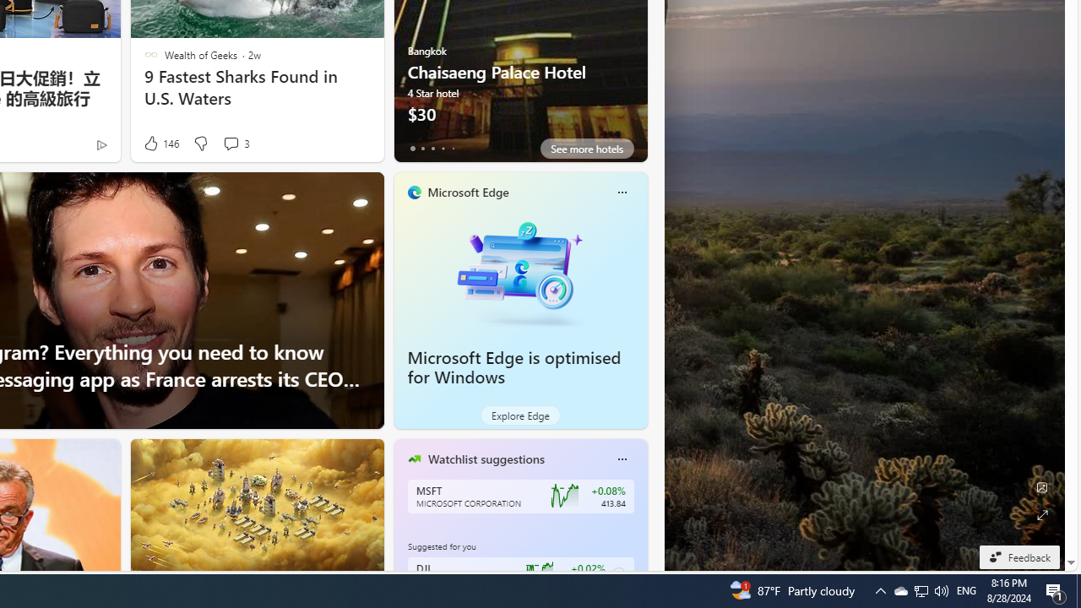  Describe the element at coordinates (587, 148) in the screenshot. I see `'See more hotels'` at that location.